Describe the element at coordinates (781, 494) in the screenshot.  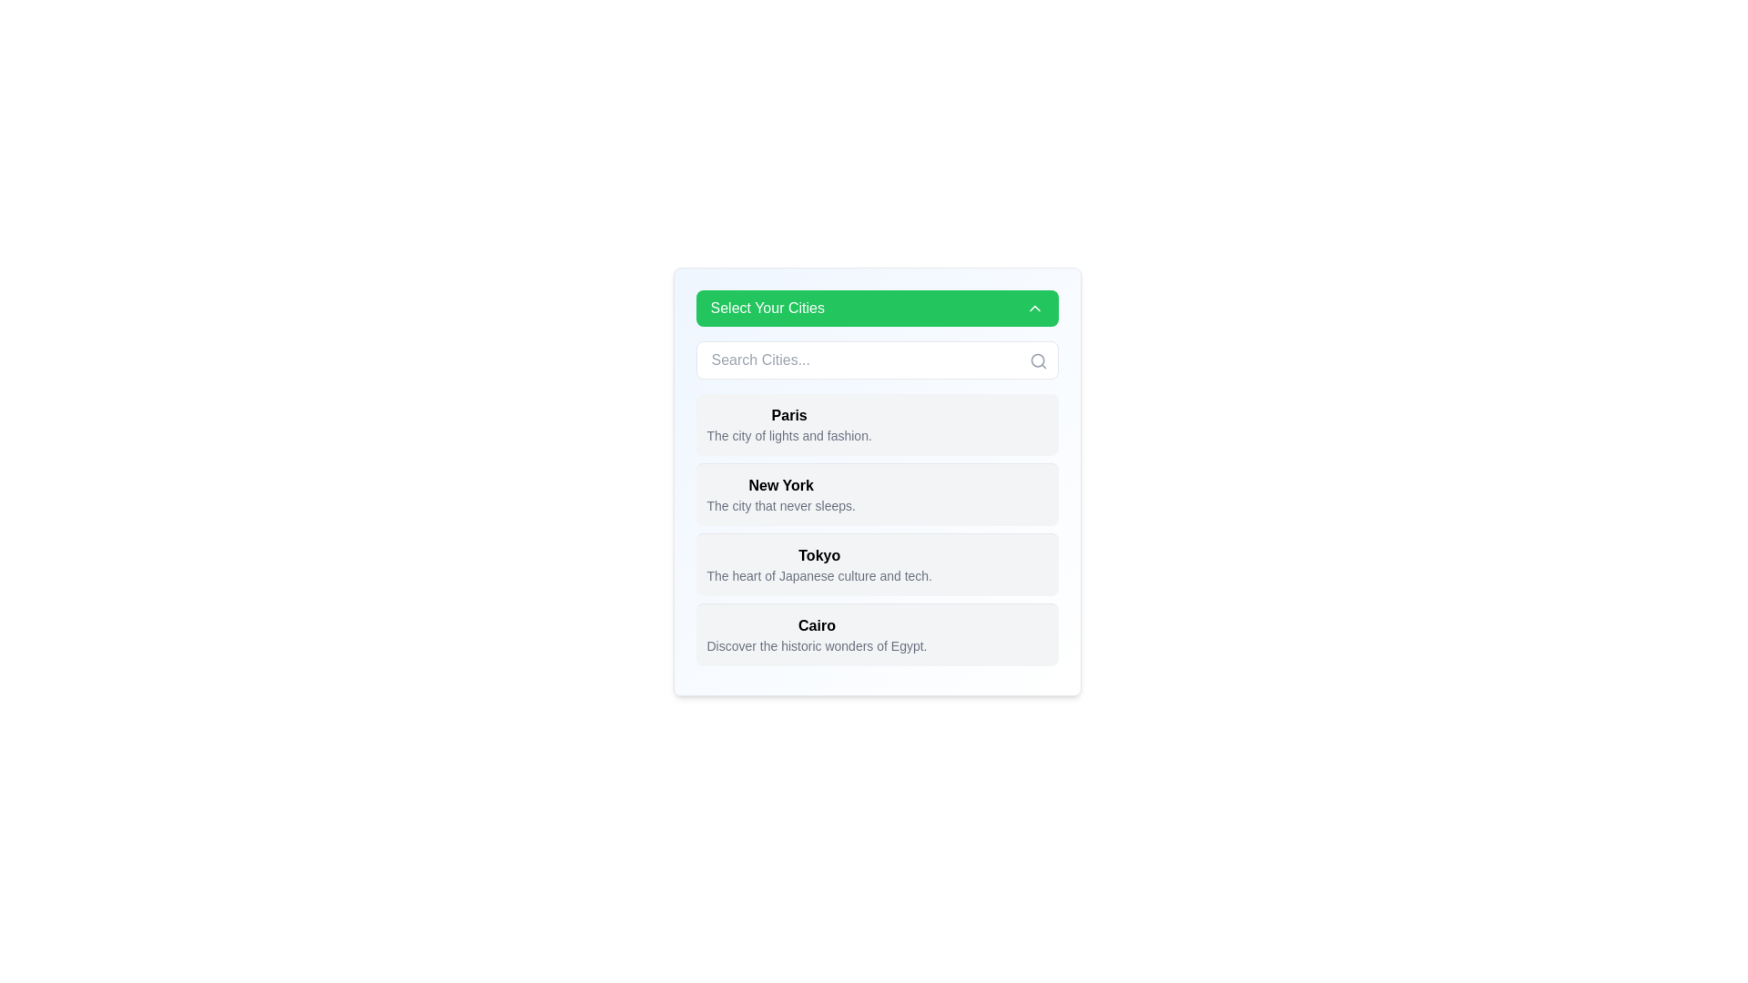
I see `the second item in the dropdown menu titled 'Select Your Cities' that describes 'New York'` at that location.